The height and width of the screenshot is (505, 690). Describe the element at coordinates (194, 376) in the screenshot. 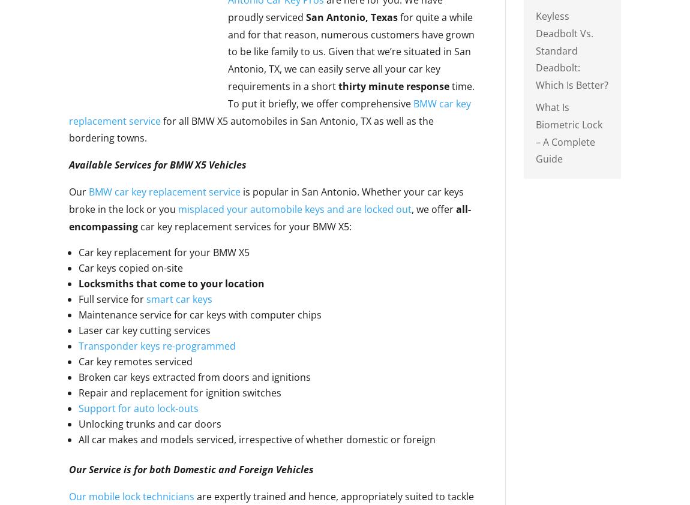

I see `'Broken car keys extracted from doors and ignitions'` at that location.